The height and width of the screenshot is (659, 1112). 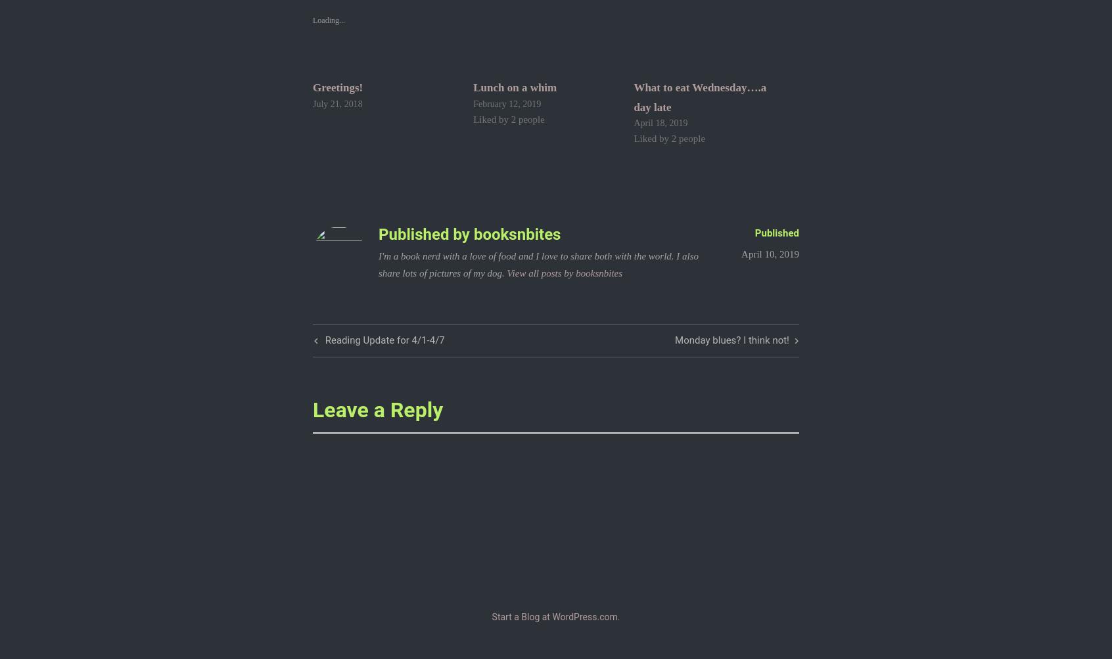 I want to click on 'Monday blues? I think not!', so click(x=674, y=340).